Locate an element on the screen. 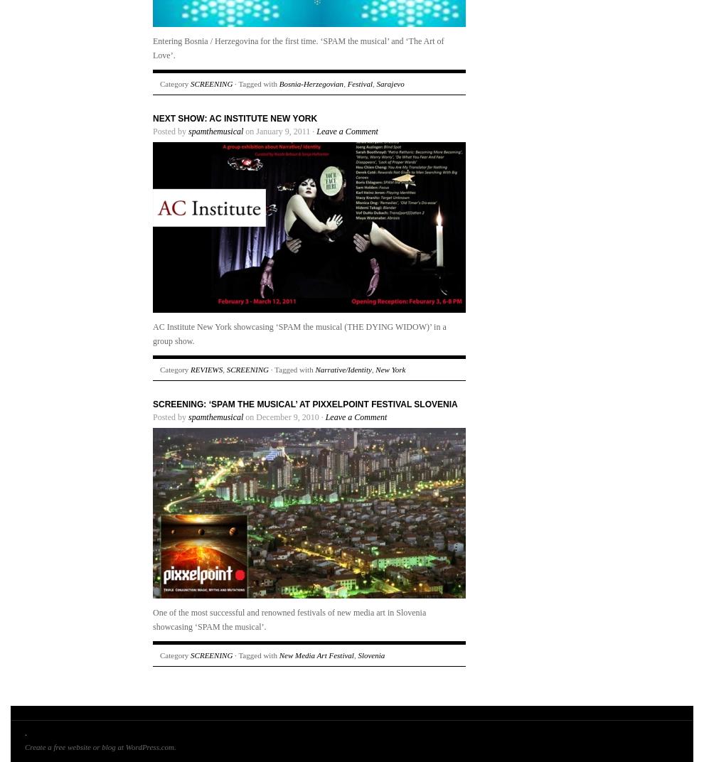  'REVIEWS' is located at coordinates (206, 370).